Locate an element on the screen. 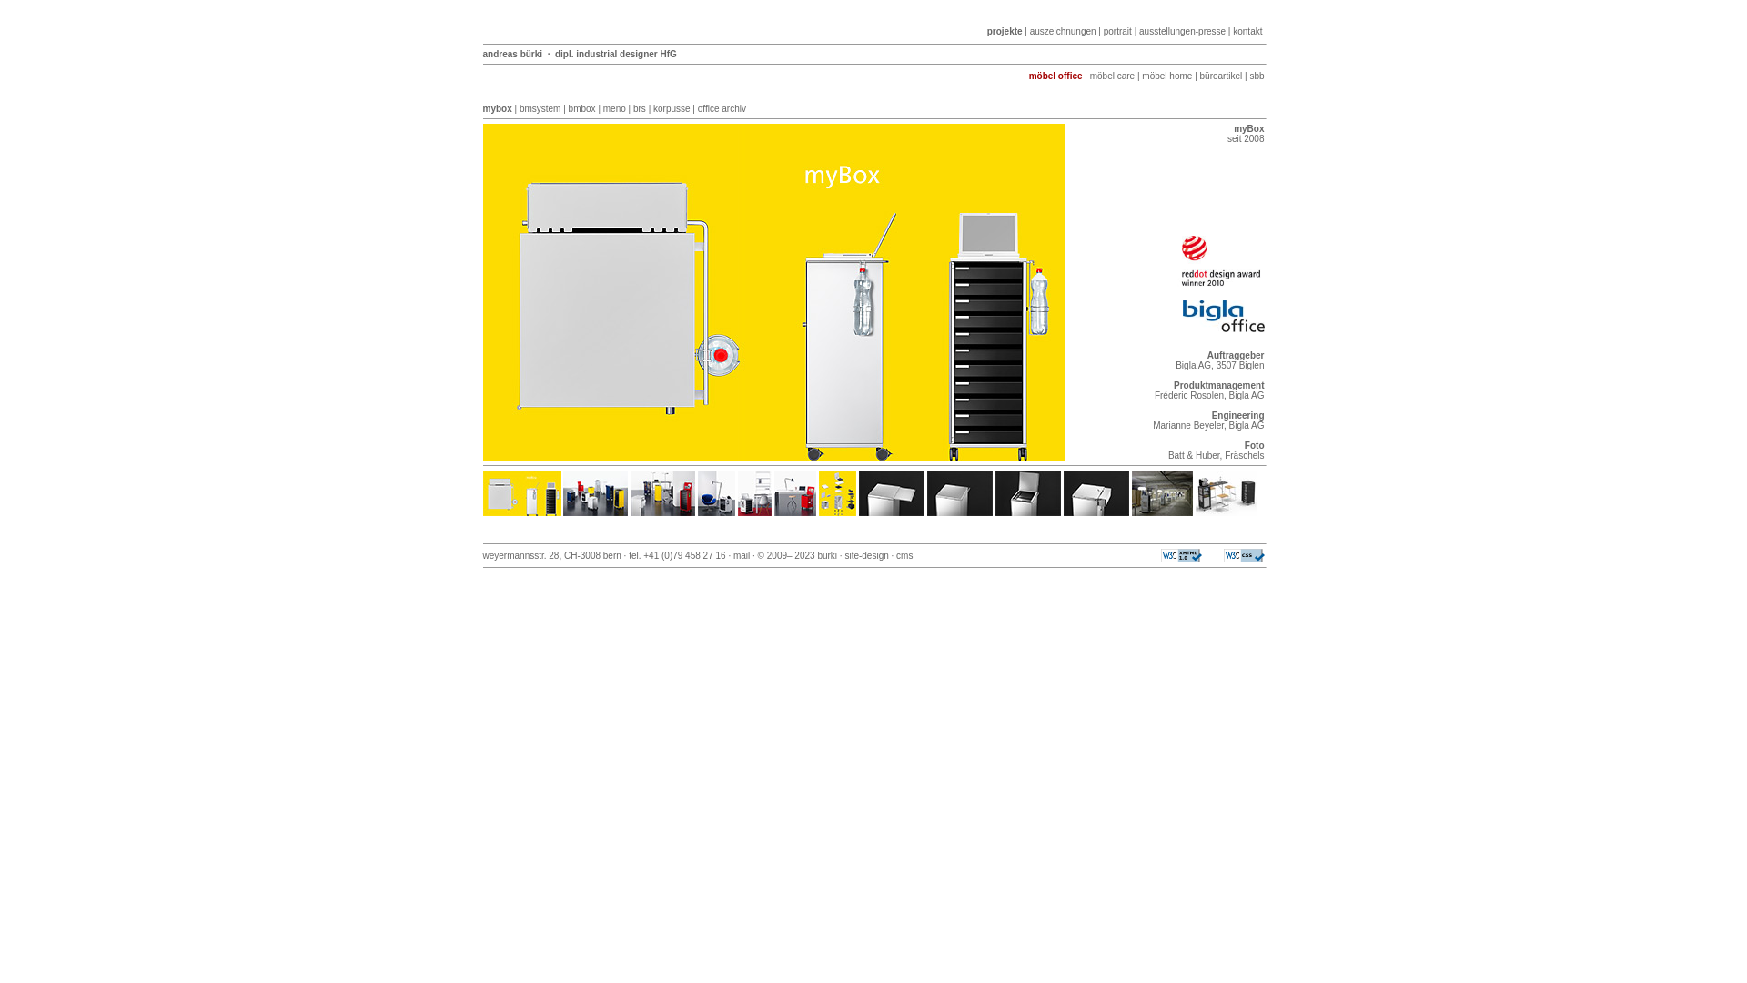  'portrait' is located at coordinates (1116, 31).